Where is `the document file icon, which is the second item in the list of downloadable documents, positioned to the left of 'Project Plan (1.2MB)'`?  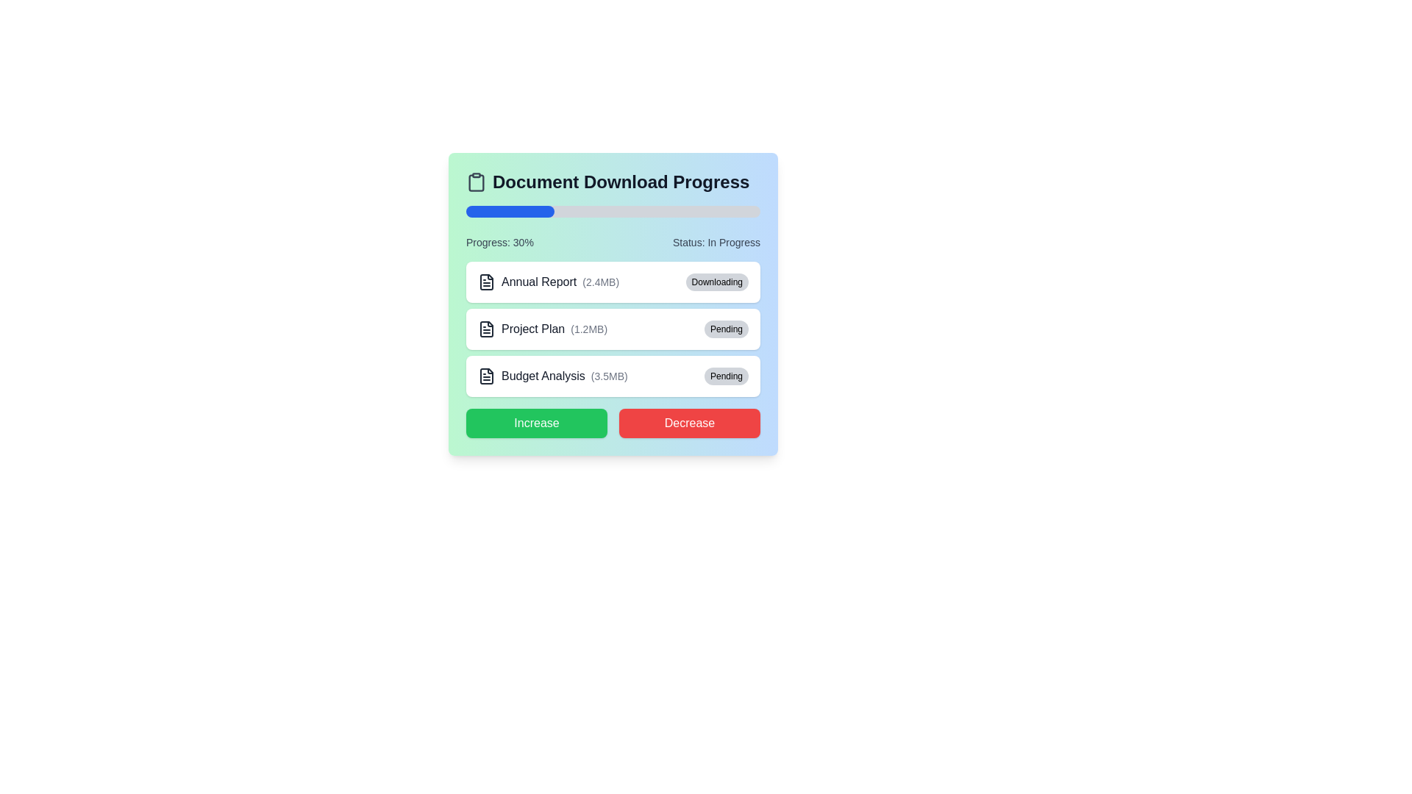
the document file icon, which is the second item in the list of downloadable documents, positioned to the left of 'Project Plan (1.2MB)' is located at coordinates (487, 328).